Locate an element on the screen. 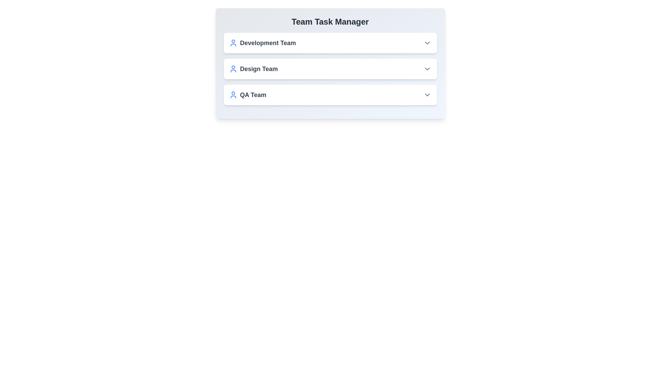 Image resolution: width=656 pixels, height=369 pixels. the header of the Development Team section is located at coordinates (330, 43).